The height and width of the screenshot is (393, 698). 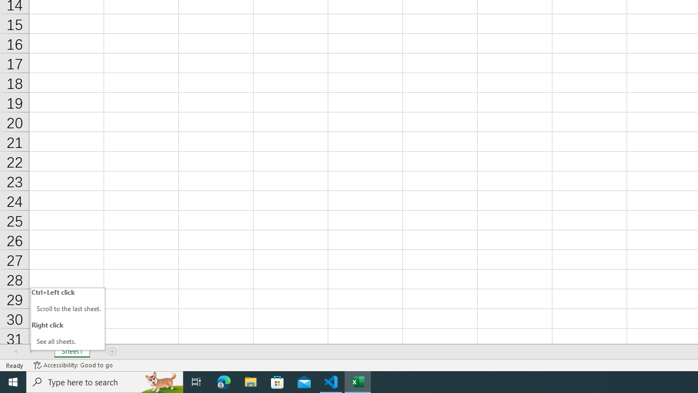 What do you see at coordinates (16, 352) in the screenshot?
I see `'Scroll Left'` at bounding box center [16, 352].